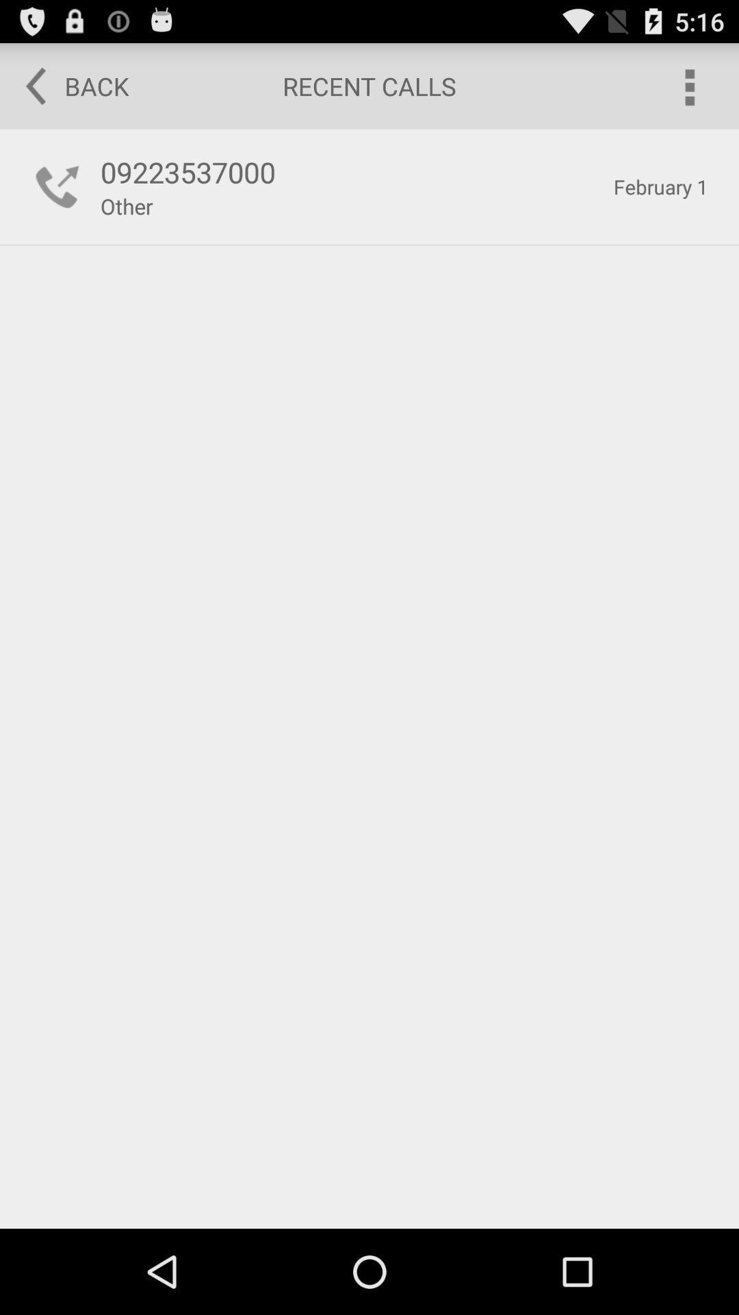 The image size is (739, 1315). What do you see at coordinates (349, 171) in the screenshot?
I see `the 09223537000 item` at bounding box center [349, 171].